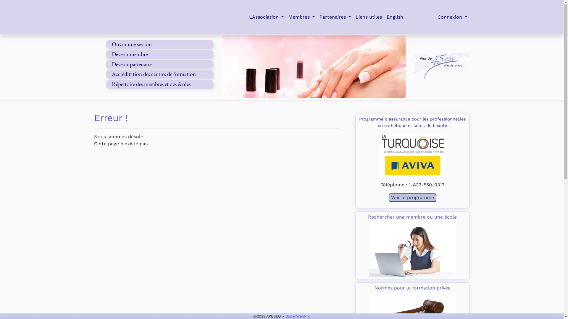 The image size is (568, 319). Describe the element at coordinates (335, 17) in the screenshot. I see `'Partenaires'` at that location.